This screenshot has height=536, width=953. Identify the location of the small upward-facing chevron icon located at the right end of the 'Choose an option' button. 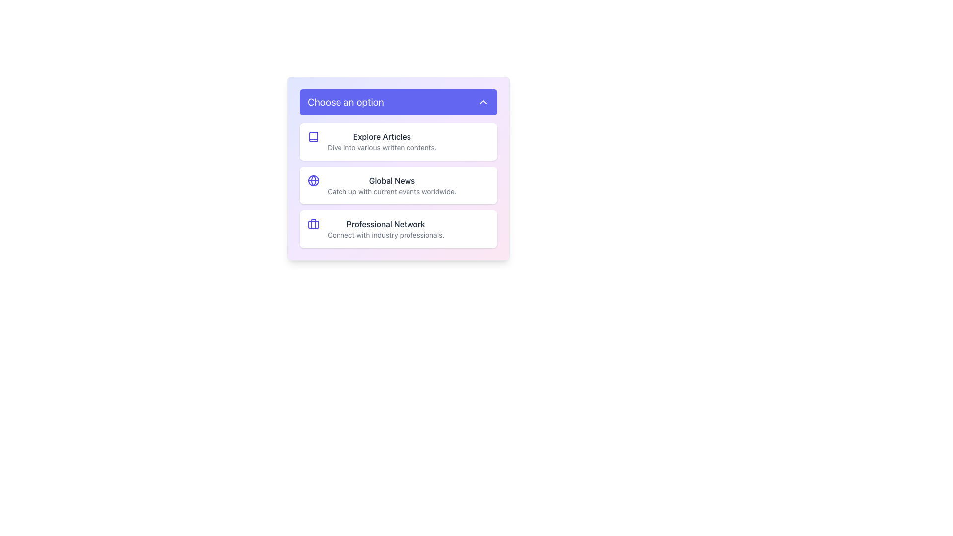
(483, 102).